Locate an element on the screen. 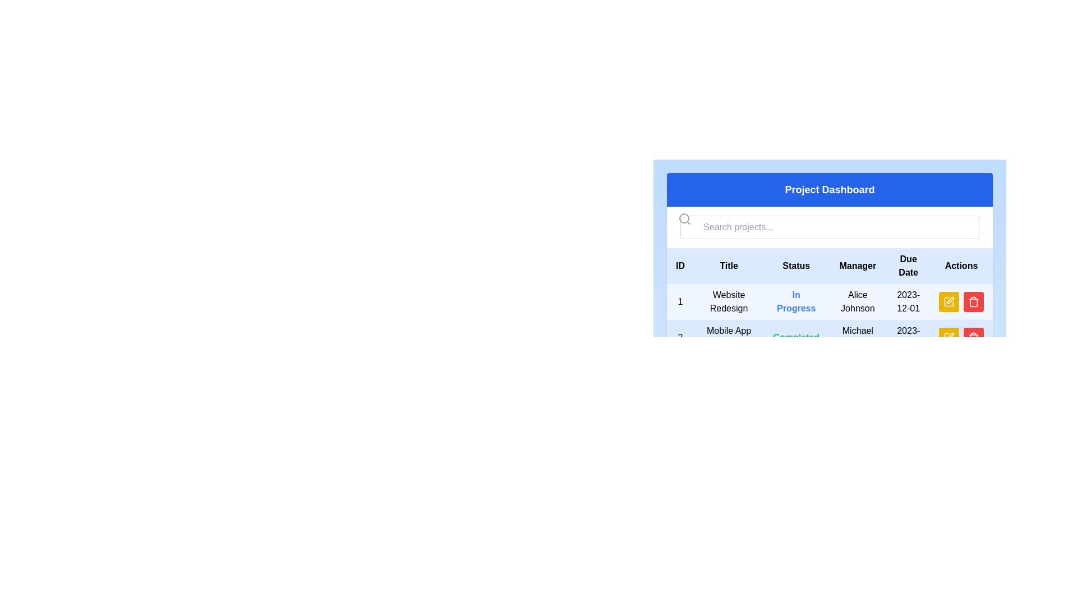 This screenshot has width=1077, height=605. the trash icon, which is a white trash bin within a red circular button, located in the 'Actions' column of the second row of a table is located at coordinates (973, 337).